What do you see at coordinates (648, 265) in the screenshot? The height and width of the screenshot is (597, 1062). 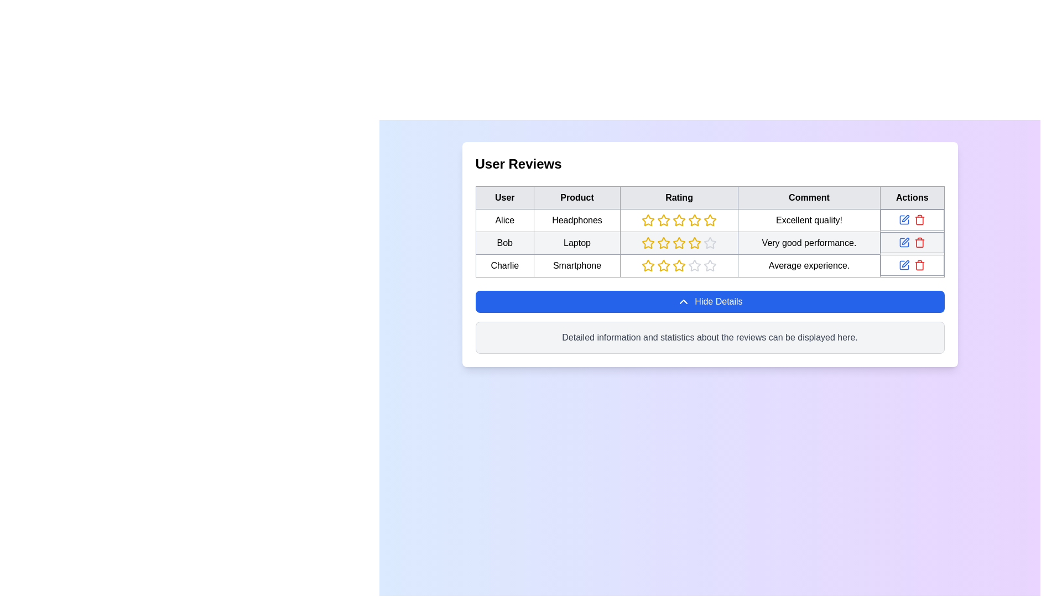 I see `the second star icon in the third row of the rating column to represent a rating level of '2 out of 5' in the user reviews table` at bounding box center [648, 265].